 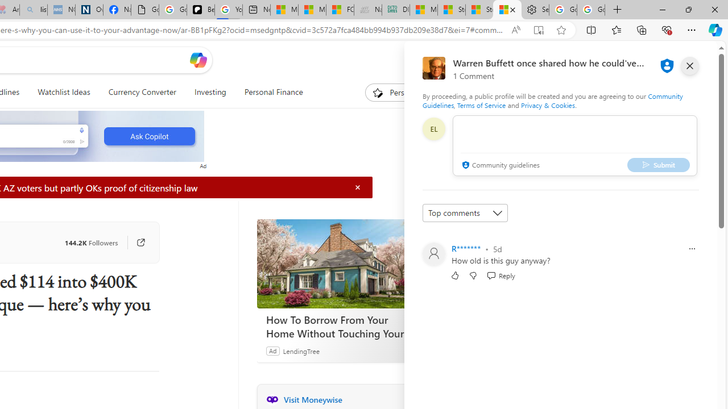 What do you see at coordinates (201, 10) in the screenshot?
I see `'Be Smart | creating Science videos | Patreon'` at bounding box center [201, 10].